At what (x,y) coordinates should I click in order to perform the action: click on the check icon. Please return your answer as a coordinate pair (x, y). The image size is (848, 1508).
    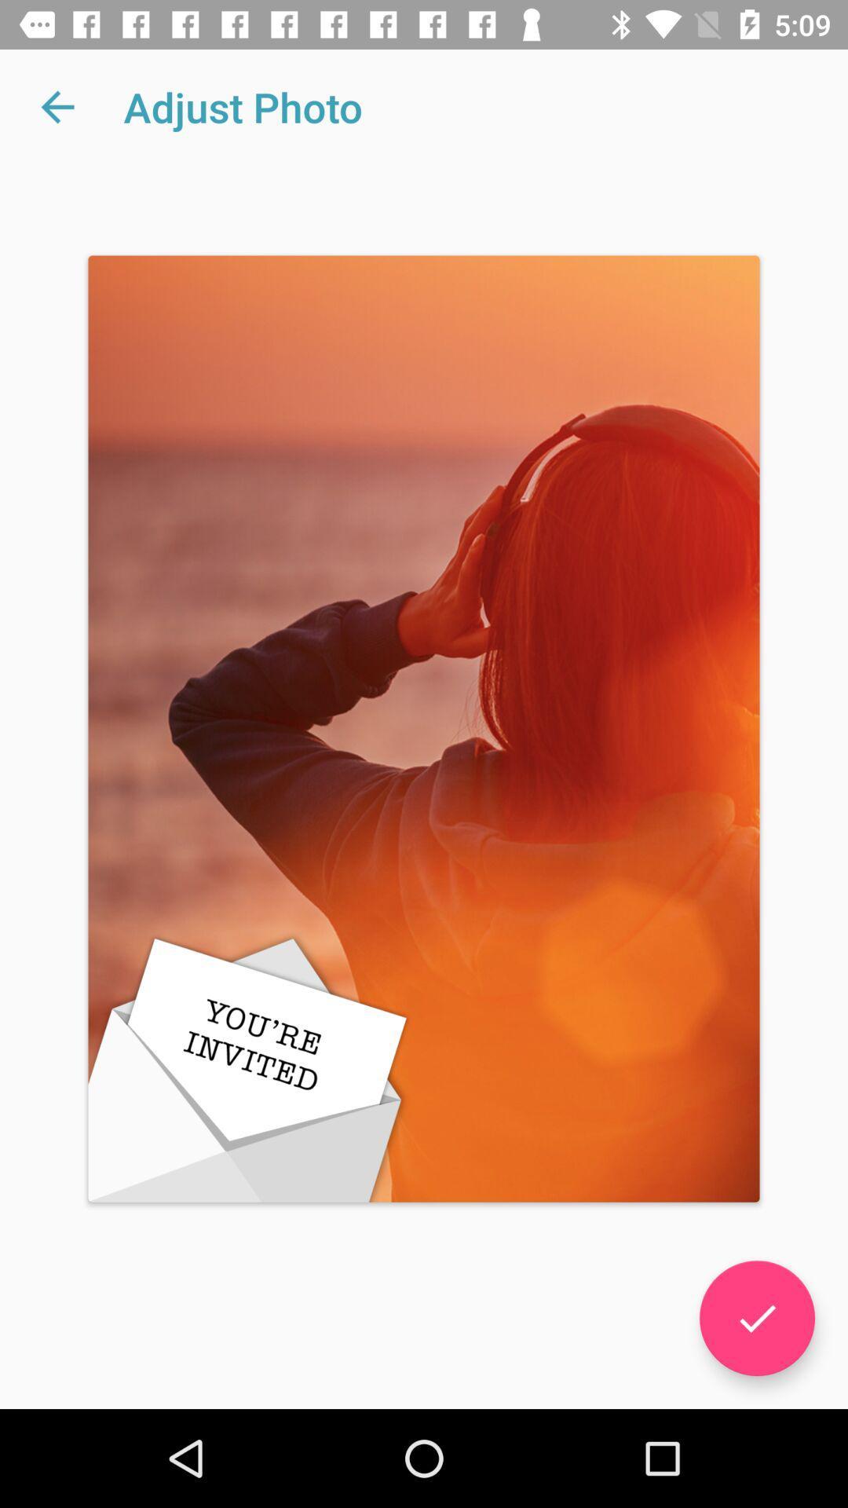
    Looking at the image, I should click on (756, 1318).